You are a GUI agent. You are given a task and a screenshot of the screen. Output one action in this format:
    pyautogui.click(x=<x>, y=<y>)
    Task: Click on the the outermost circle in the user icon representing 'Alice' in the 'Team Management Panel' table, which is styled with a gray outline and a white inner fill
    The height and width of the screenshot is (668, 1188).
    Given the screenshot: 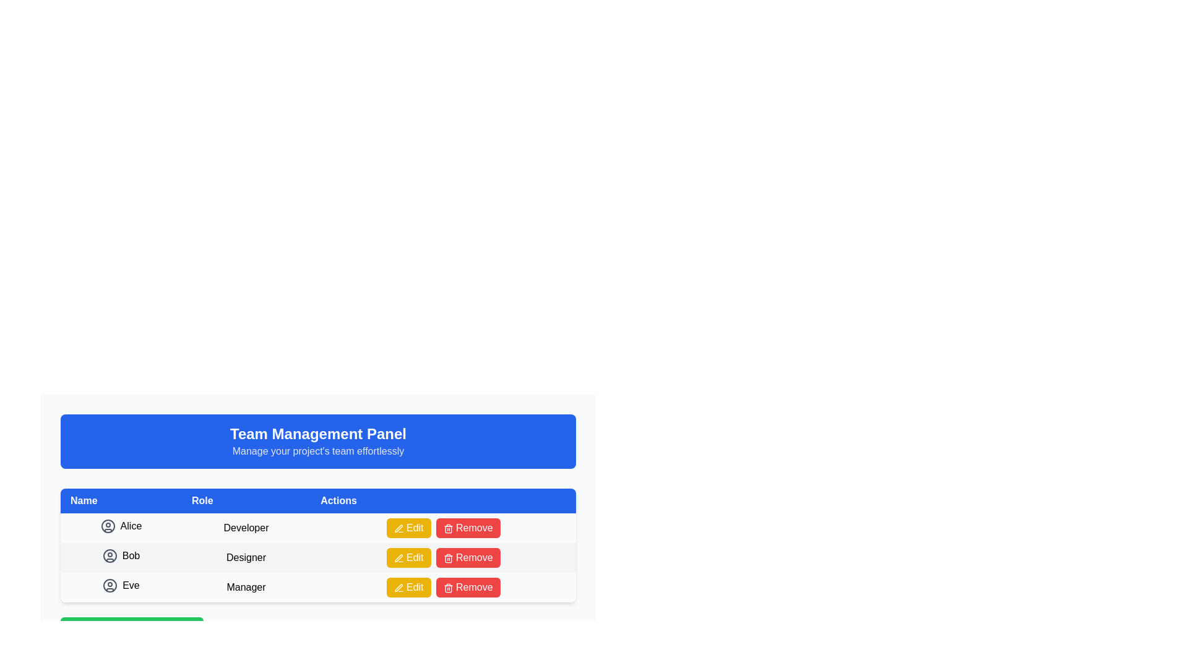 What is the action you would take?
    pyautogui.click(x=108, y=526)
    